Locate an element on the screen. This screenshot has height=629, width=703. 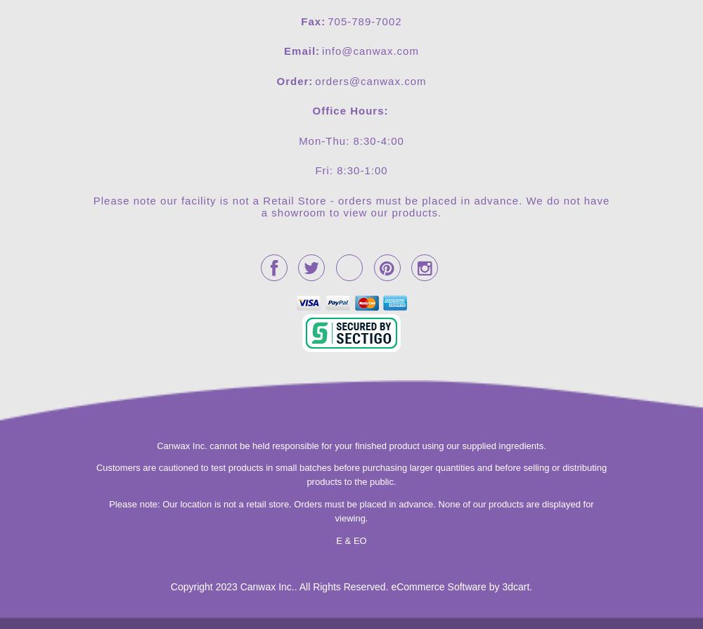
'Fri: 8:30-1:00' is located at coordinates (350, 170).